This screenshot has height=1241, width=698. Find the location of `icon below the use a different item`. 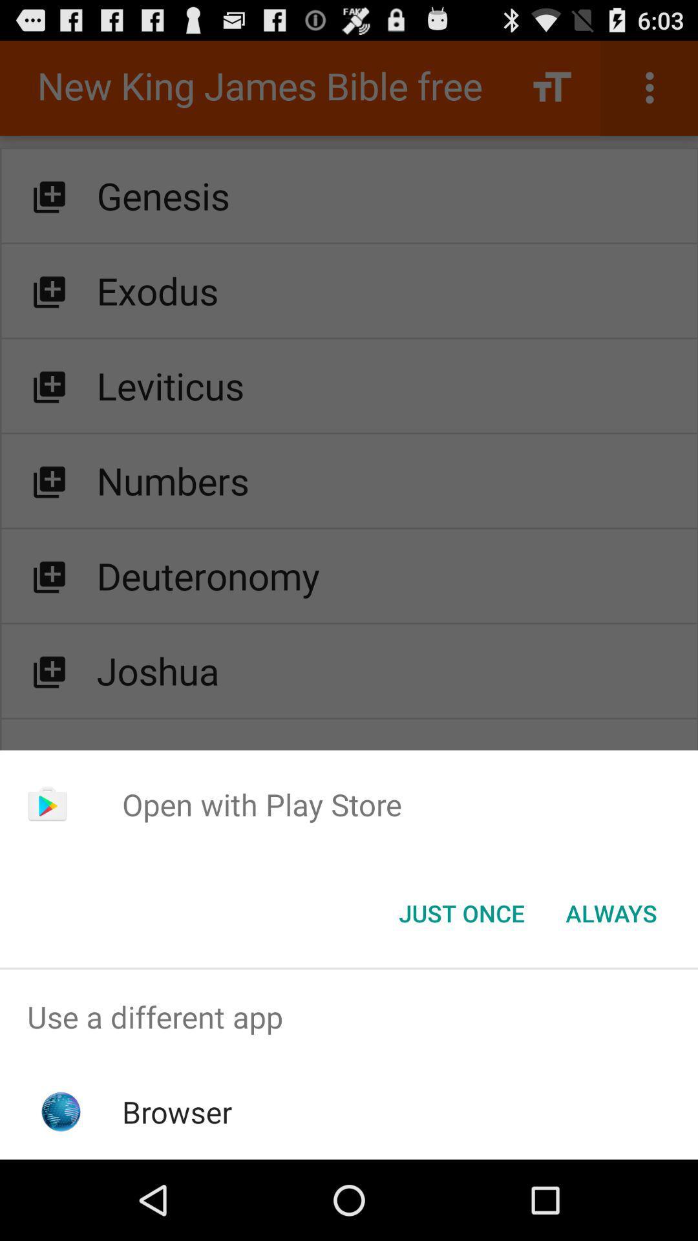

icon below the use a different item is located at coordinates (177, 1111).